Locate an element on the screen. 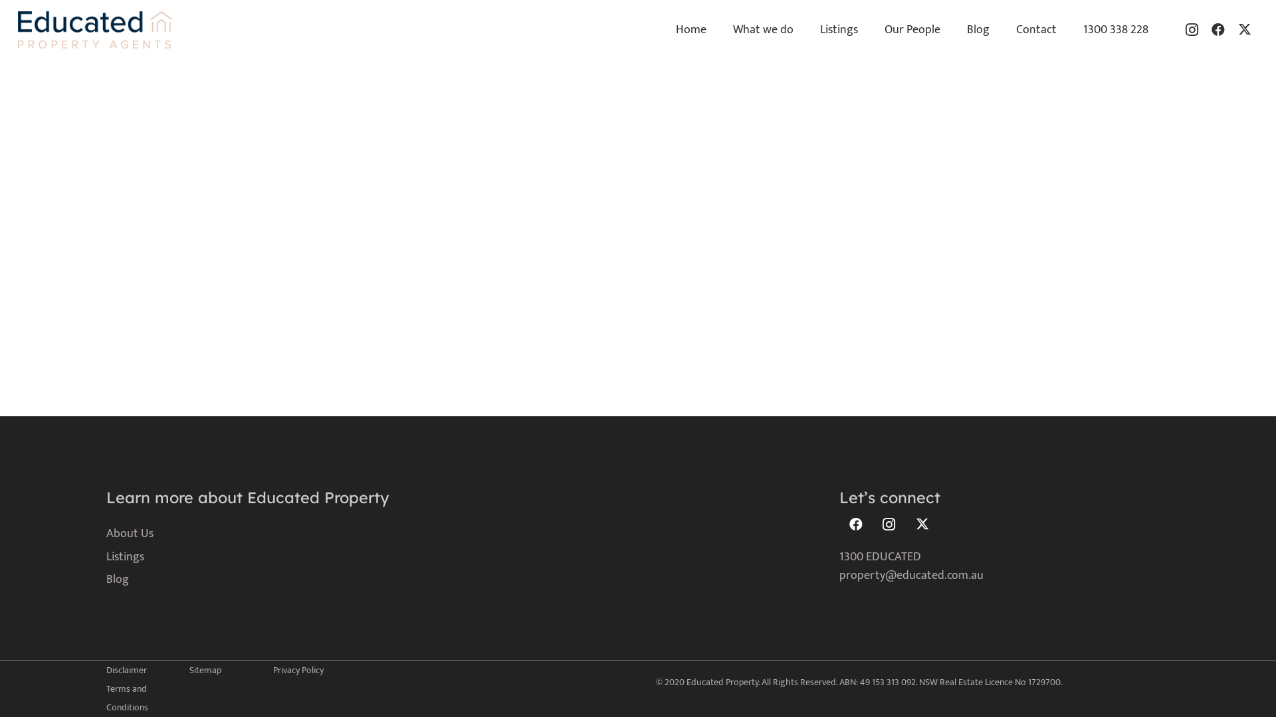 The image size is (1276, 717). '1300 EDUCATED' is located at coordinates (880, 557).